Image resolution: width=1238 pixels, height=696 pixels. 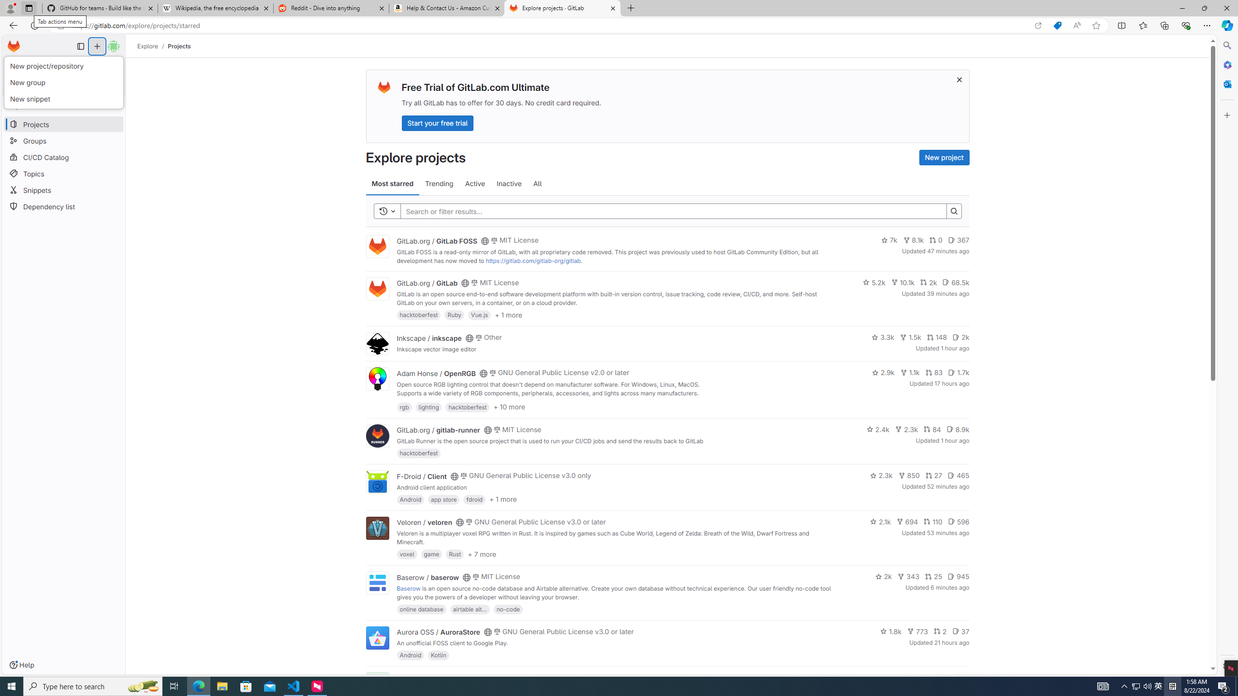 What do you see at coordinates (435, 372) in the screenshot?
I see `'Adam Honse / OpenRGB'` at bounding box center [435, 372].